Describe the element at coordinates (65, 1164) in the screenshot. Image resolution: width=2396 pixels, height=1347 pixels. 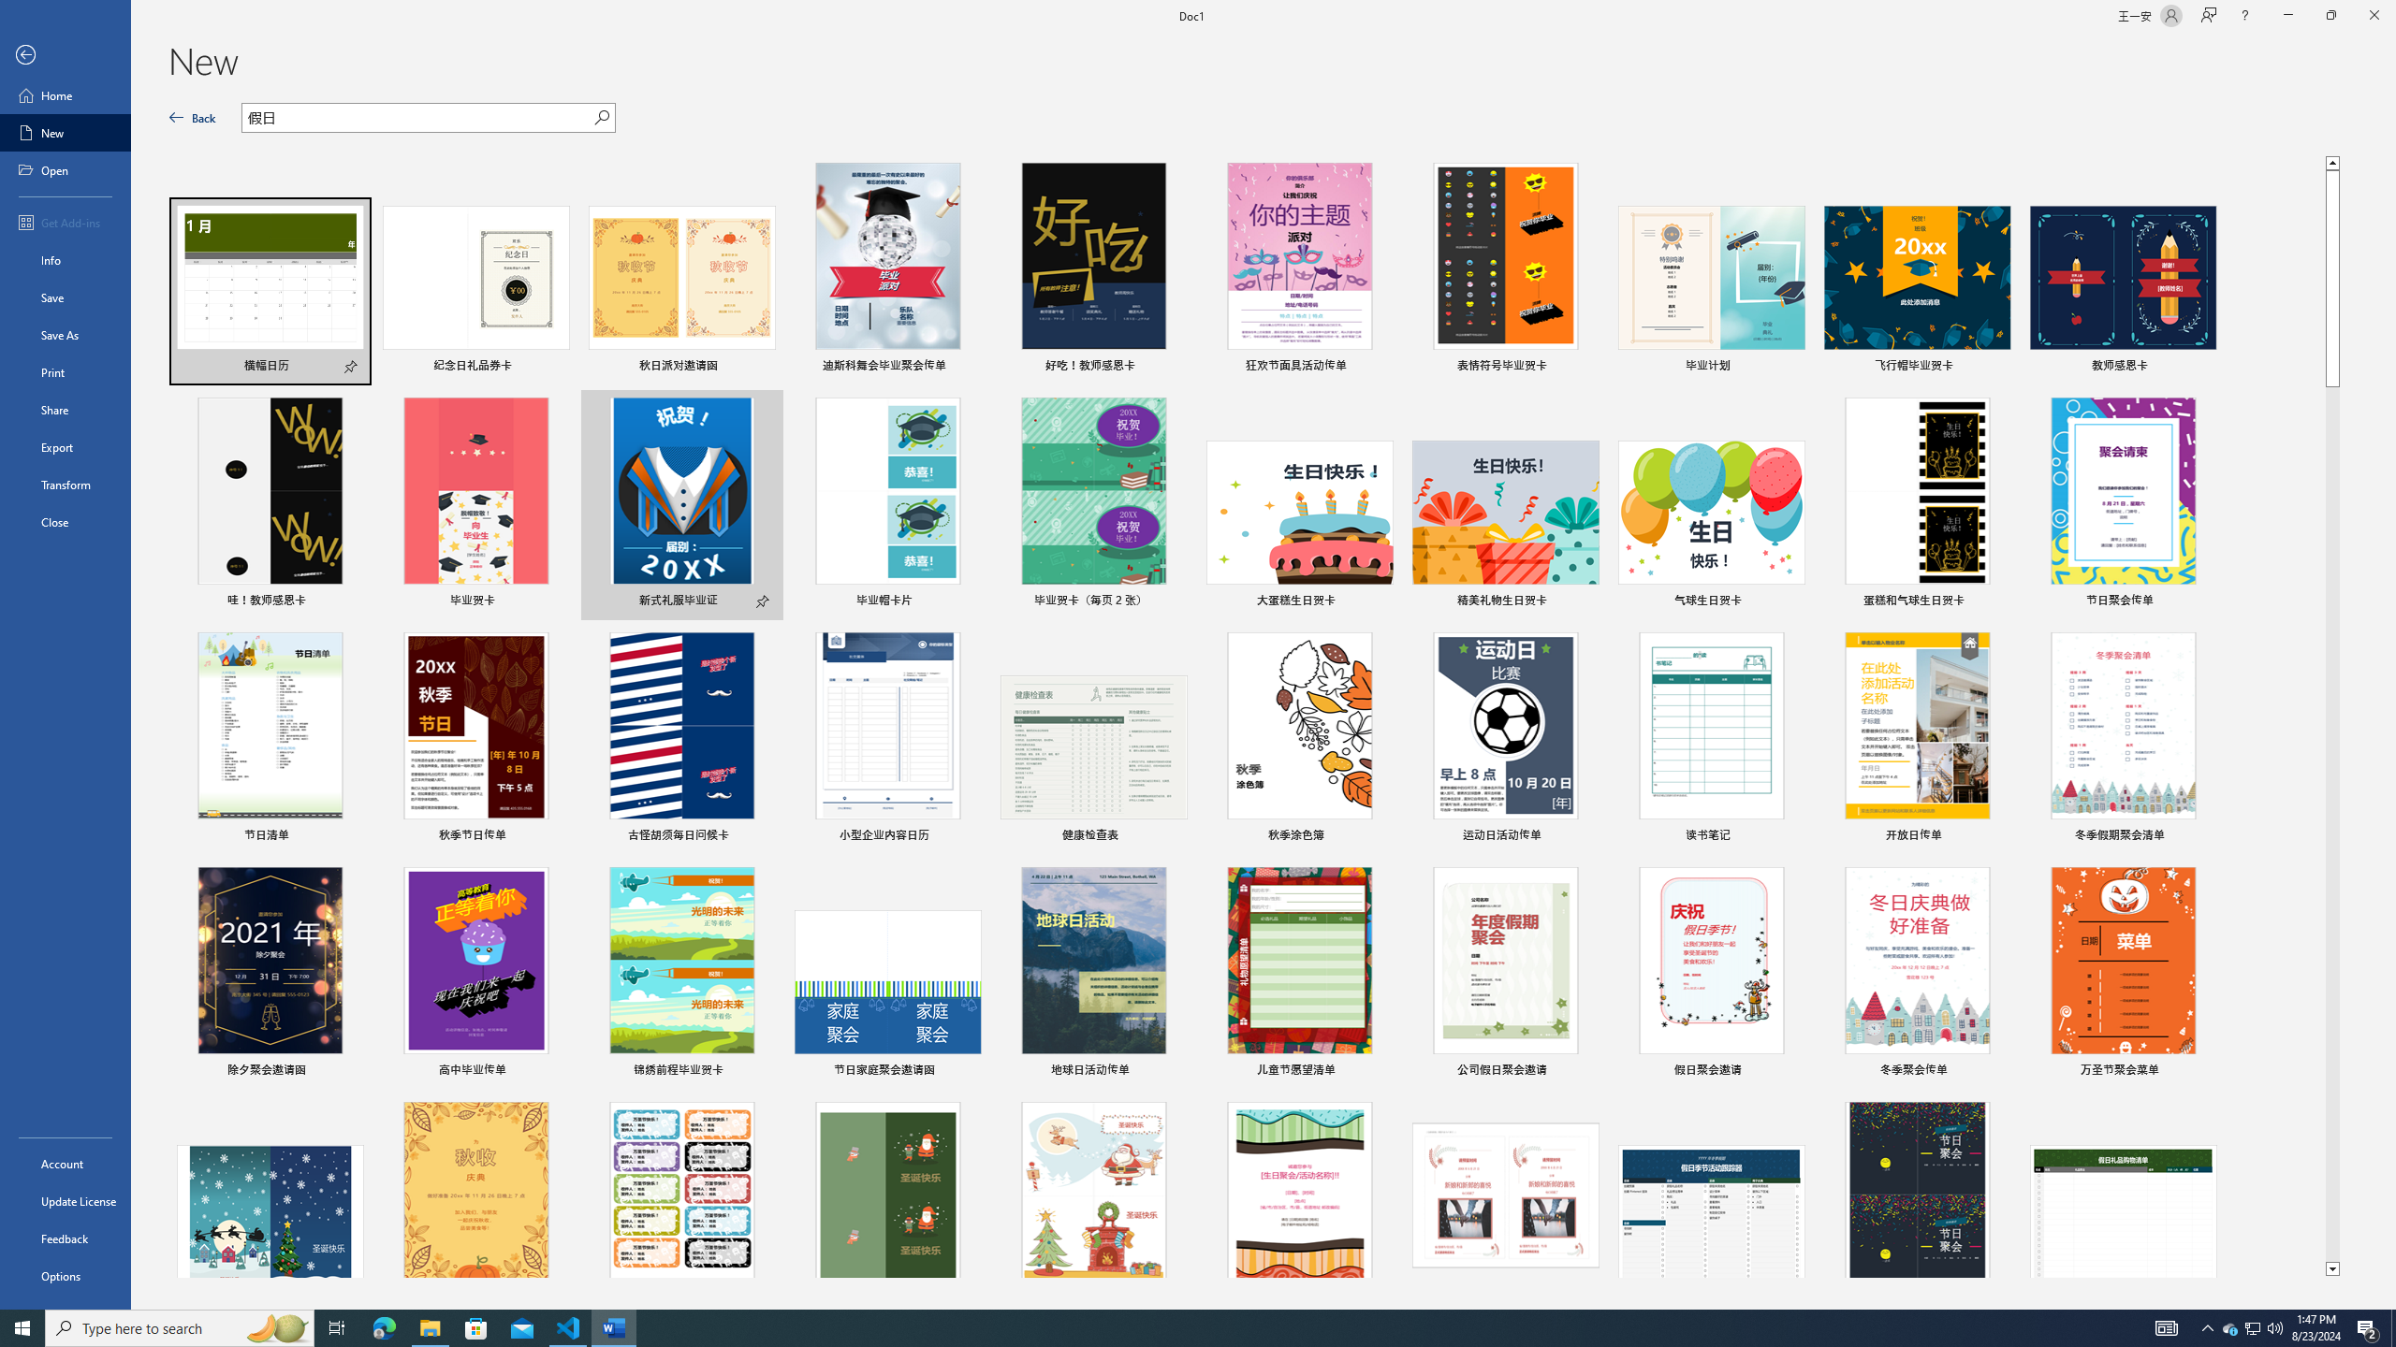
I see `'Account'` at that location.